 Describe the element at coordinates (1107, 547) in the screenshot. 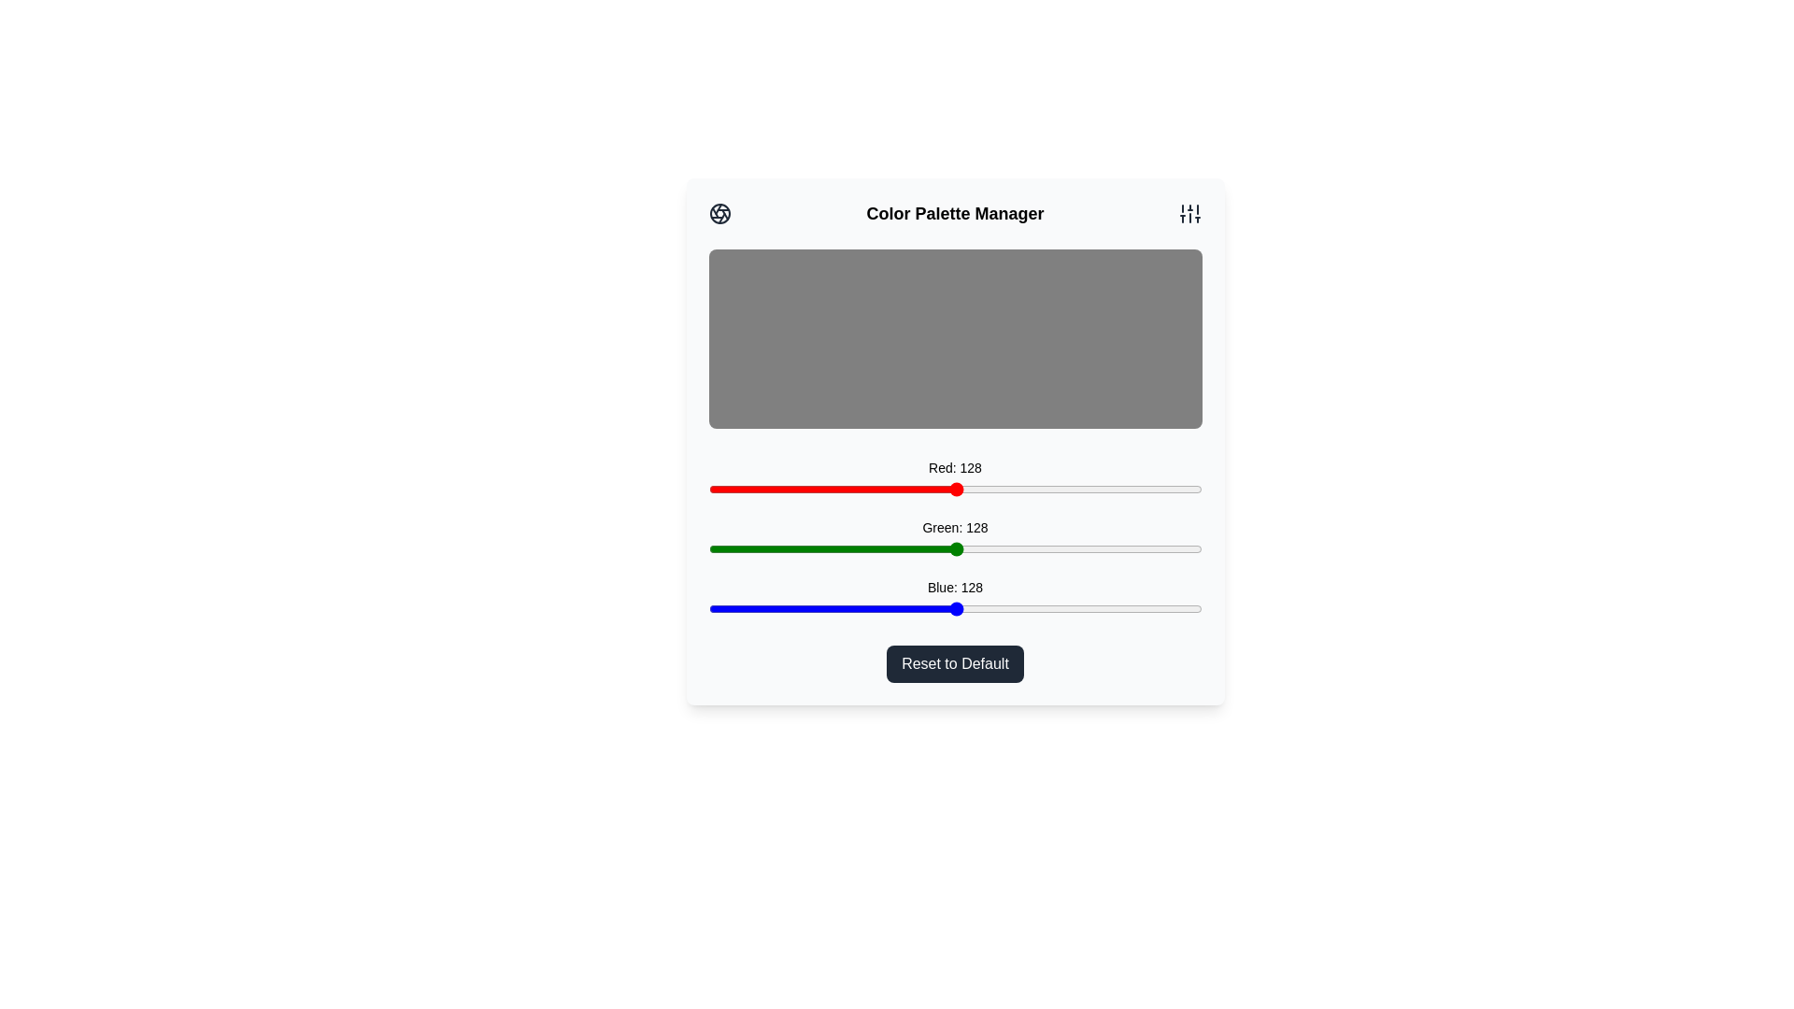

I see `the green slider to set the green intensity to 206` at that location.